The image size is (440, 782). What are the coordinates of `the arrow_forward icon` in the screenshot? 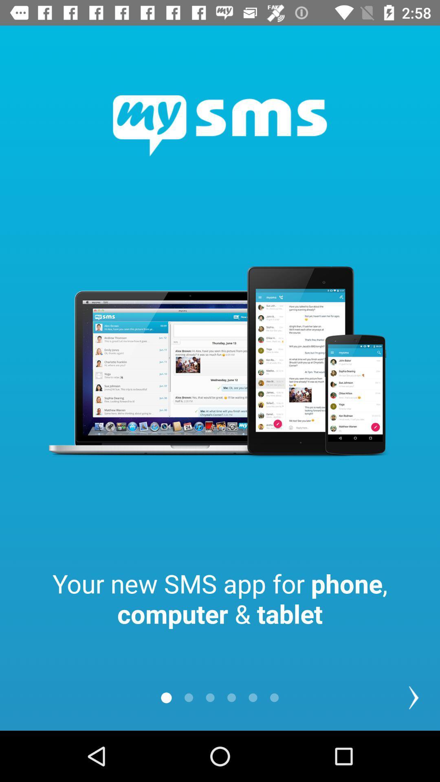 It's located at (414, 697).